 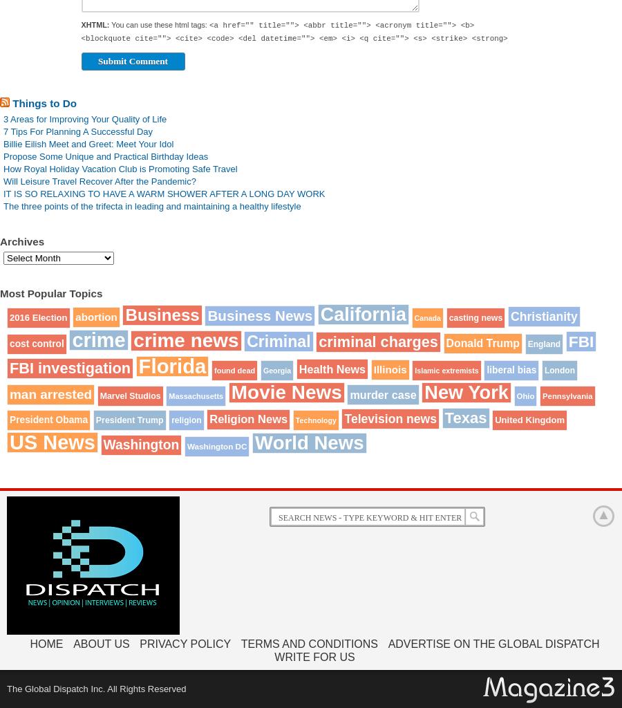 What do you see at coordinates (465, 418) in the screenshot?
I see `'Texas'` at bounding box center [465, 418].